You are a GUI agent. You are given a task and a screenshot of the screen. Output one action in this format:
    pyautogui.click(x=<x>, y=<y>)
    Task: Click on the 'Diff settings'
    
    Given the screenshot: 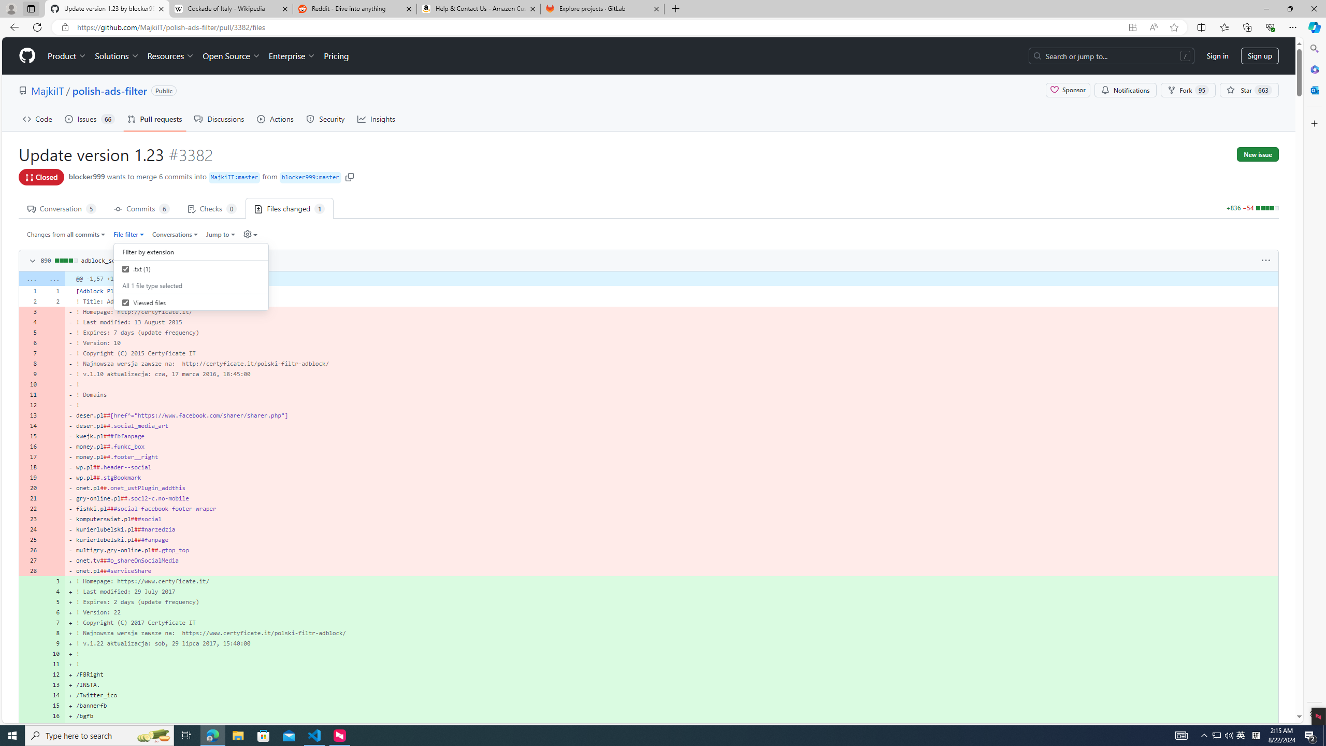 What is the action you would take?
    pyautogui.click(x=247, y=234)
    